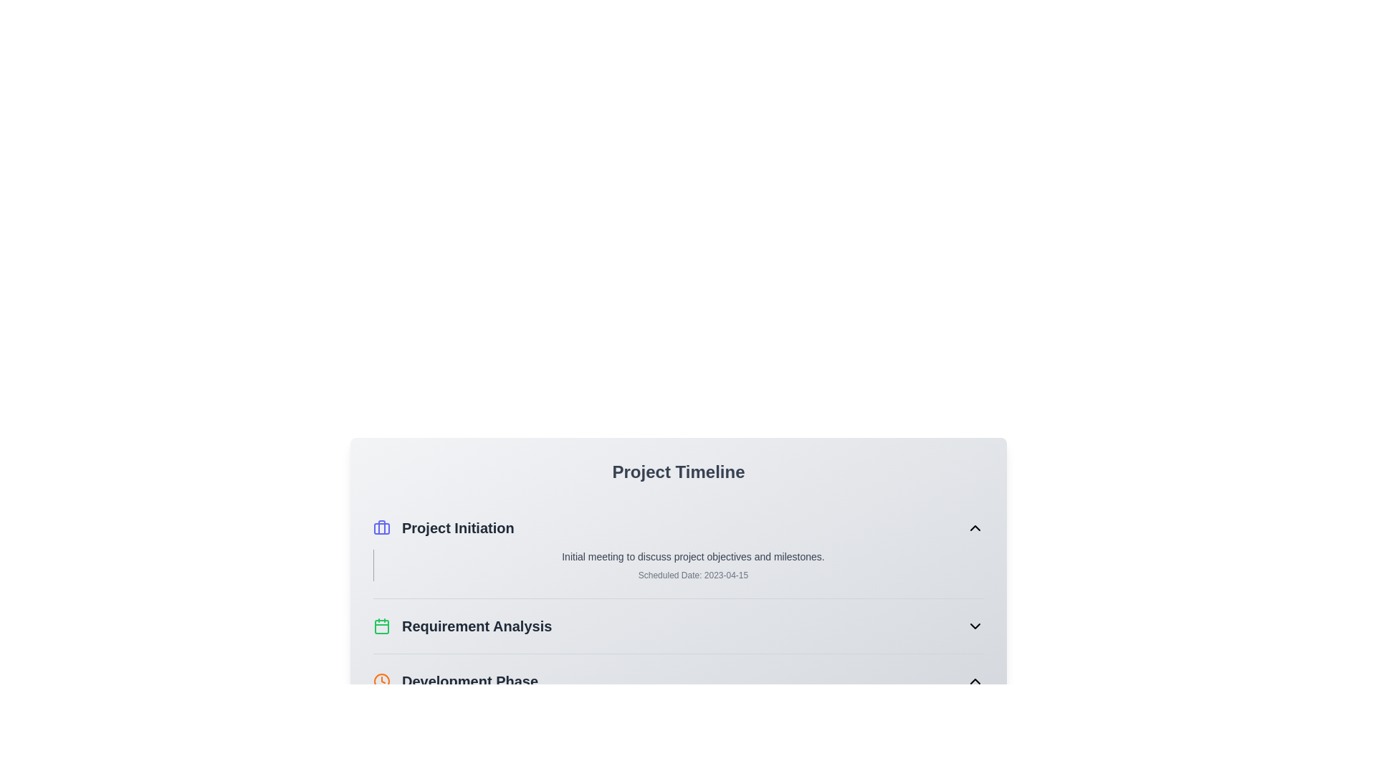 The width and height of the screenshot is (1376, 774). I want to click on the 'Project Initiation' text label, which is styled in bold dark gray and positioned next to a blue briefcase icon, located in the top-left section of the 'Project Timeline' interface, so click(457, 527).